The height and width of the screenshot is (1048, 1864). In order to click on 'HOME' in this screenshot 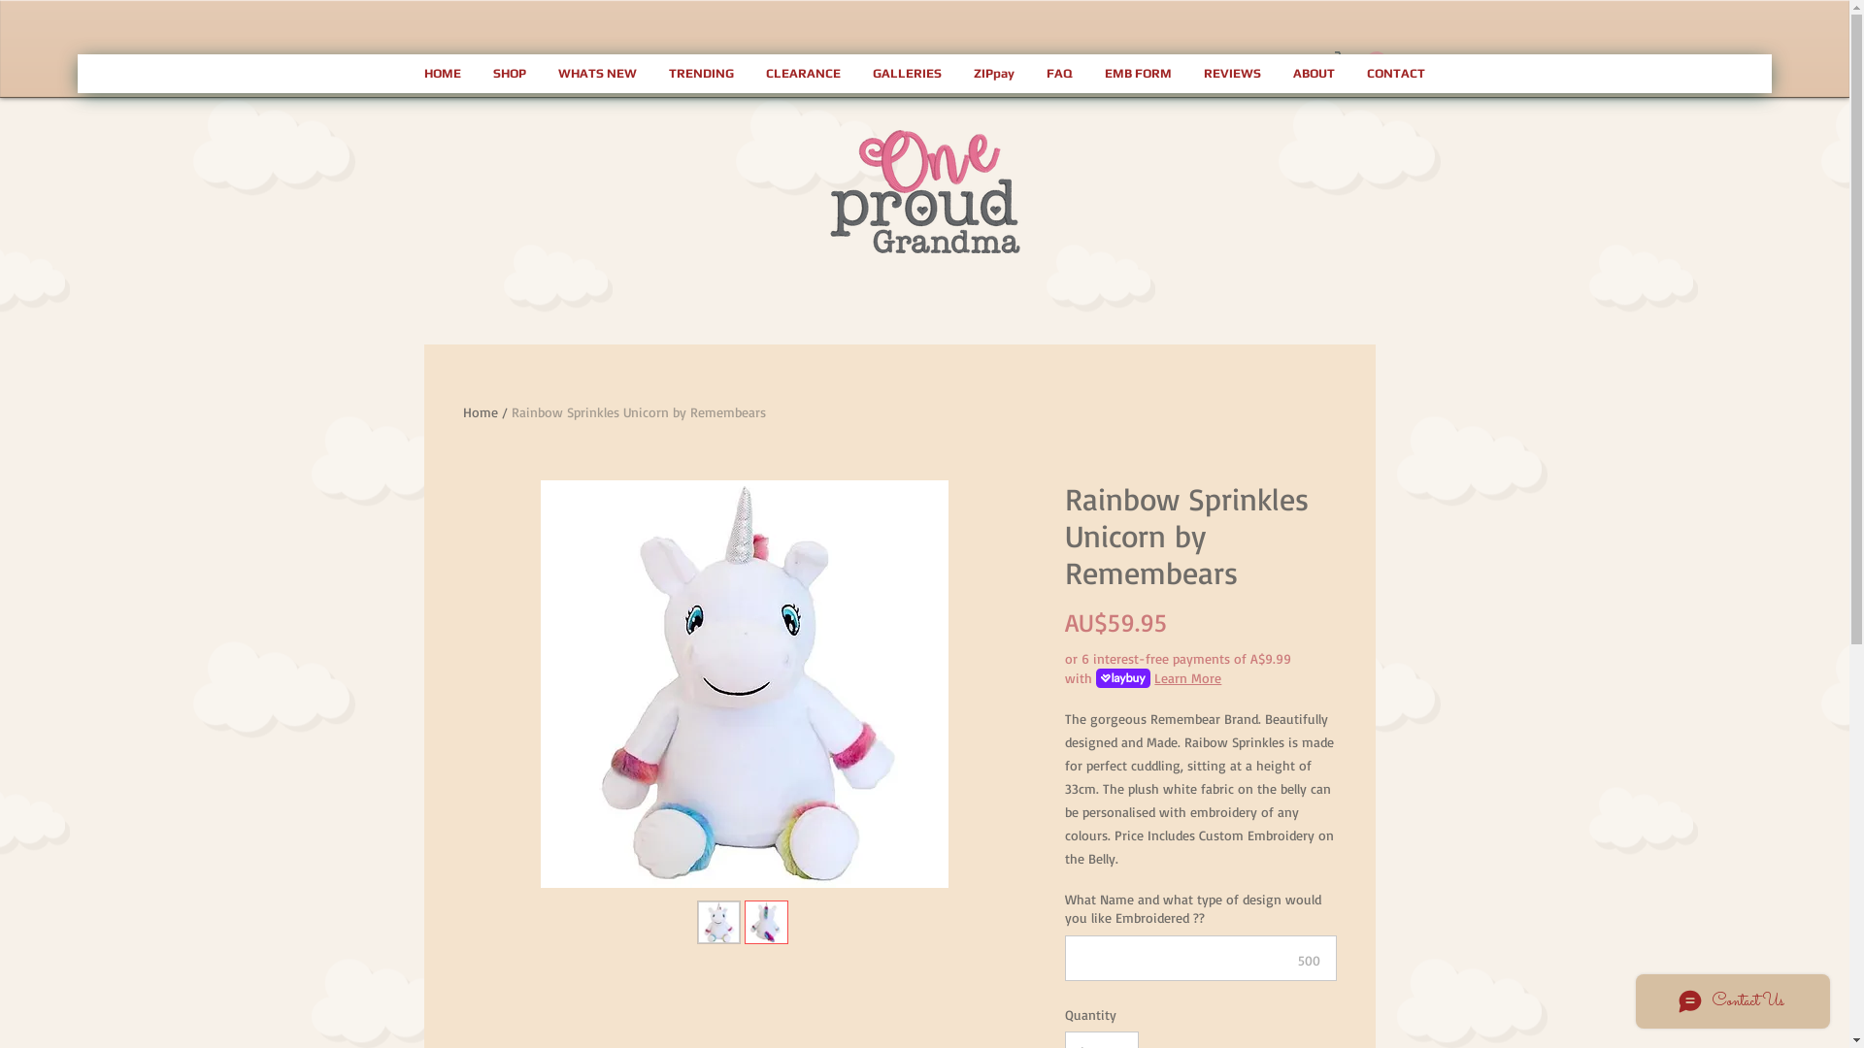, I will do `click(441, 73)`.